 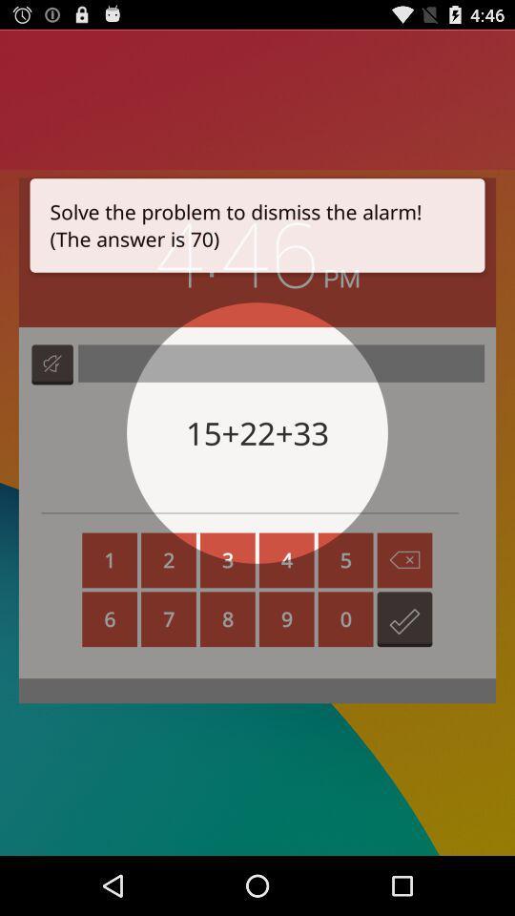 What do you see at coordinates (228, 560) in the screenshot?
I see `the button having number 3` at bounding box center [228, 560].